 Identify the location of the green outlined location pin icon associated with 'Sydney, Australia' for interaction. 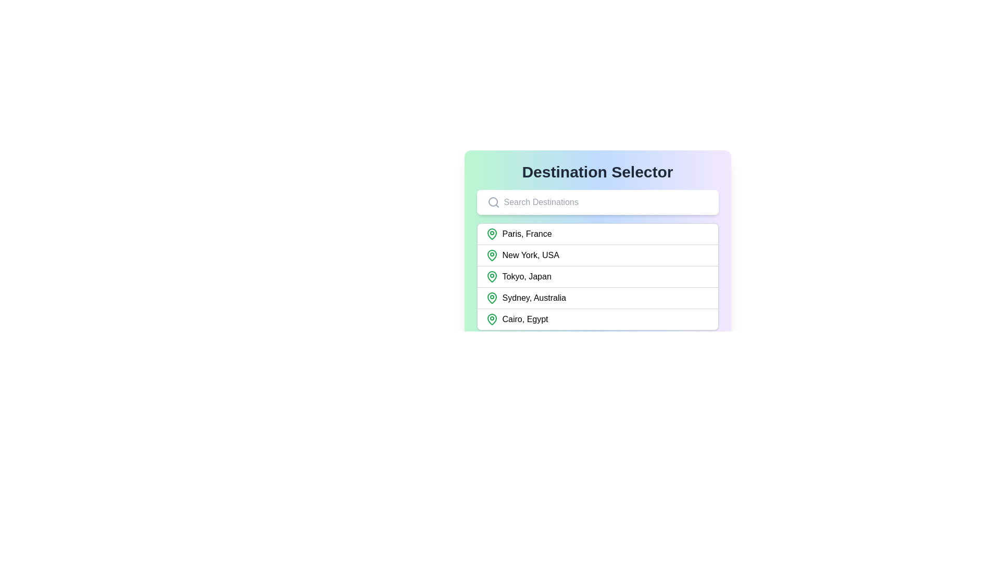
(491, 298).